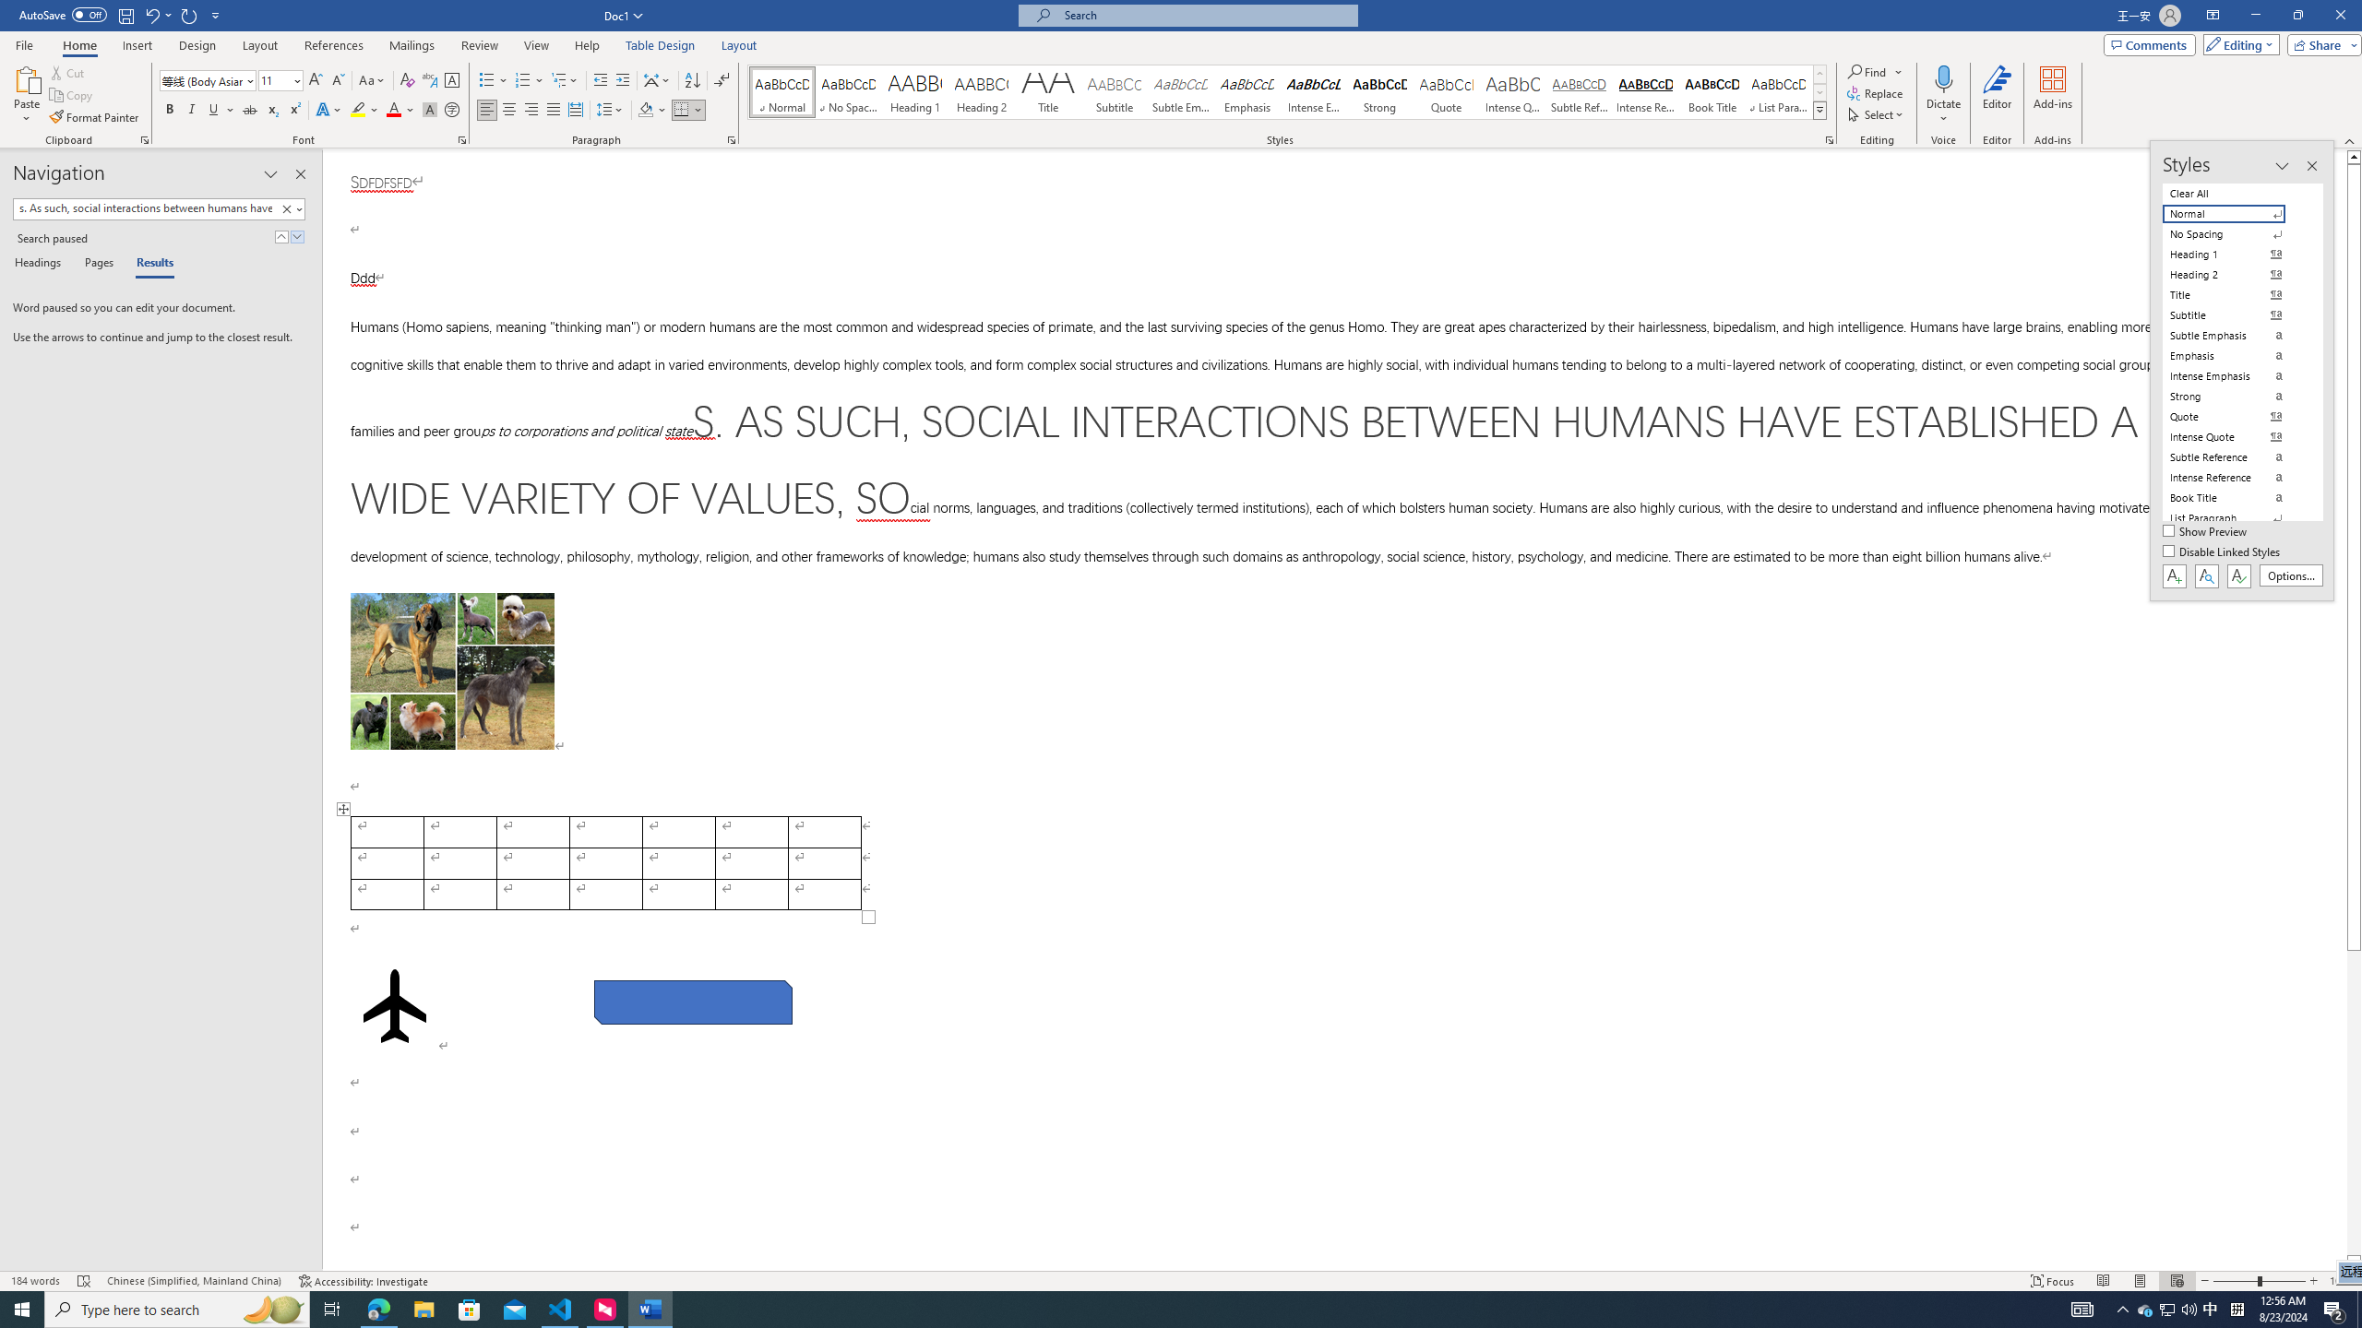 This screenshot has height=1328, width=2362. What do you see at coordinates (1181, 91) in the screenshot?
I see `'Subtle Emphasis'` at bounding box center [1181, 91].